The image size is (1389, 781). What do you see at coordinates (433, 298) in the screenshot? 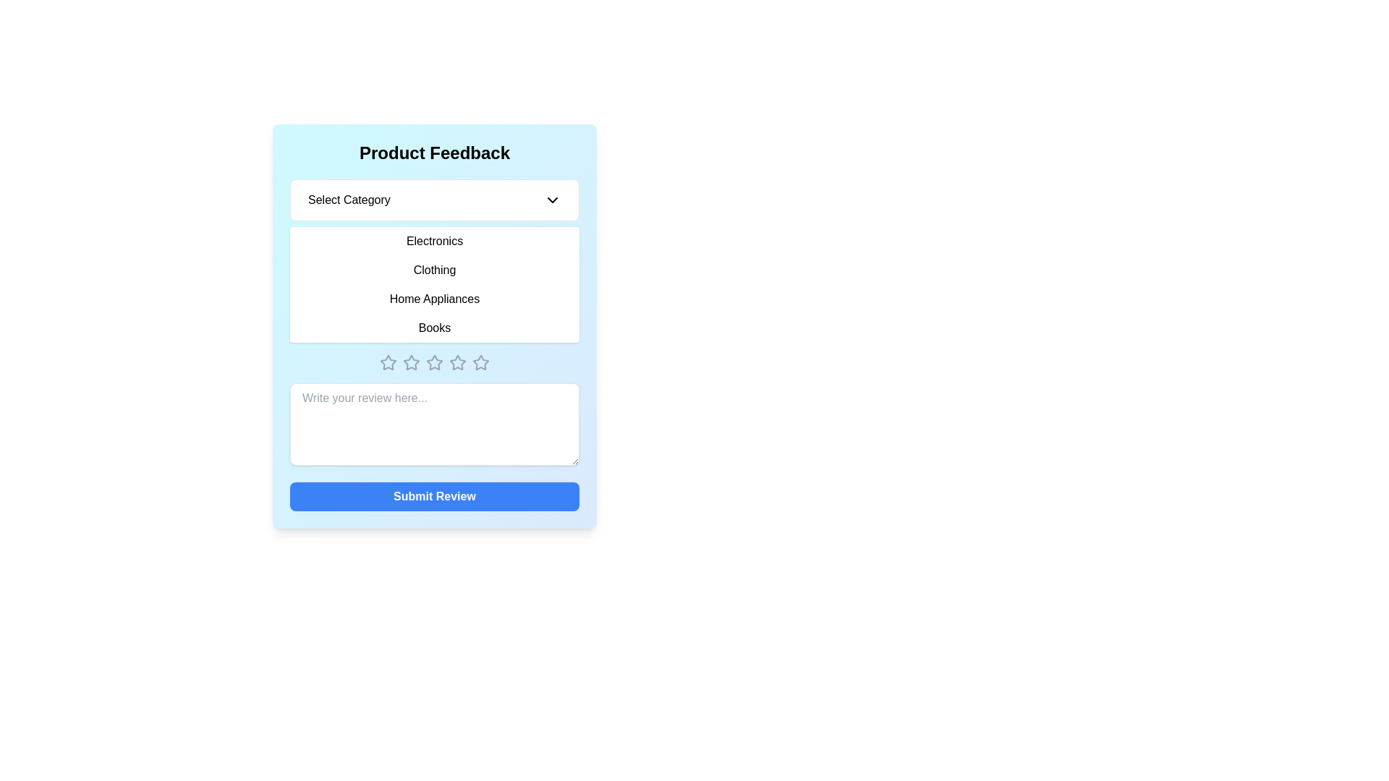
I see `the 'Home Appliances' dropdown menu item, which is the third option in the 'Select Category' section of the interface` at bounding box center [433, 298].